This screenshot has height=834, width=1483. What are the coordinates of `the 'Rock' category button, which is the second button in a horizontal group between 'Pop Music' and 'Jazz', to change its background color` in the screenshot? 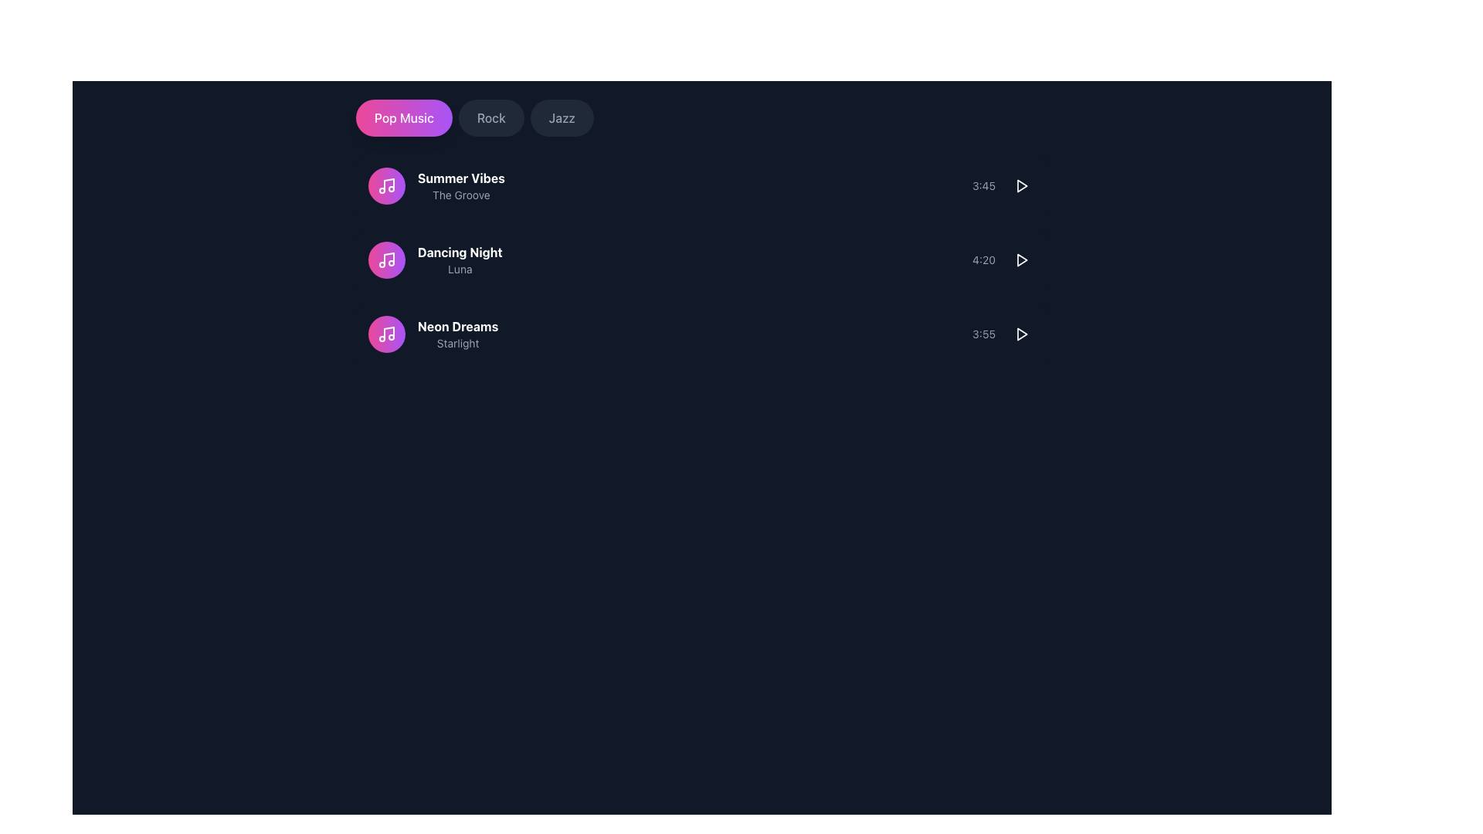 It's located at (490, 117).